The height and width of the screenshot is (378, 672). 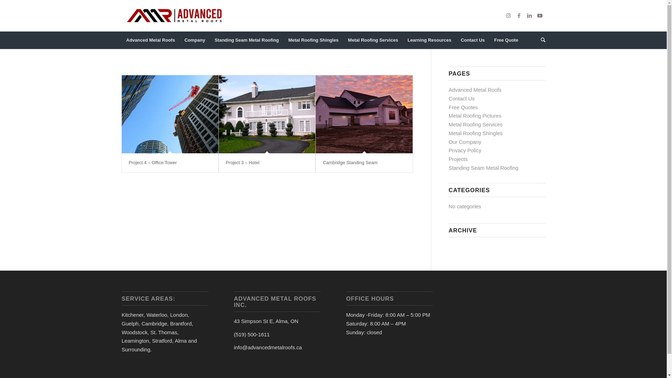 What do you see at coordinates (475, 89) in the screenshot?
I see `'Advanced Metal Roofs'` at bounding box center [475, 89].